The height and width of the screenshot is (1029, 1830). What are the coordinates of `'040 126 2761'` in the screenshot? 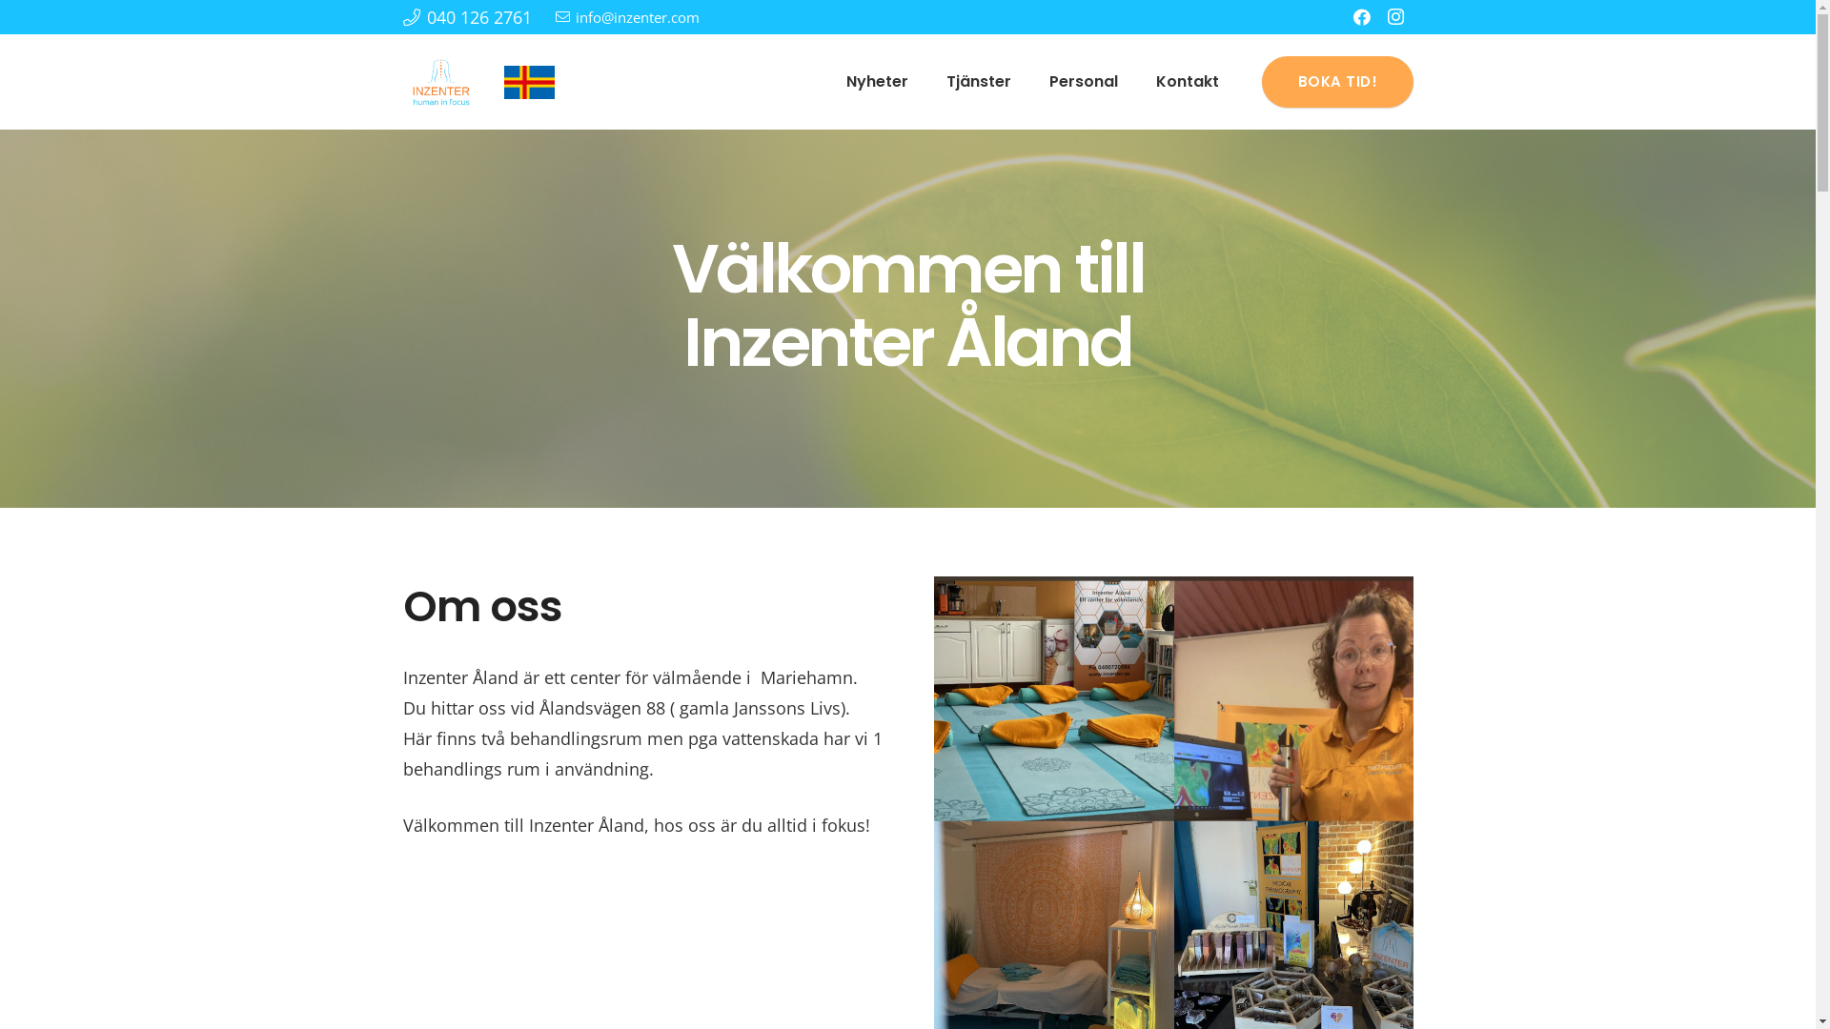 It's located at (466, 17).